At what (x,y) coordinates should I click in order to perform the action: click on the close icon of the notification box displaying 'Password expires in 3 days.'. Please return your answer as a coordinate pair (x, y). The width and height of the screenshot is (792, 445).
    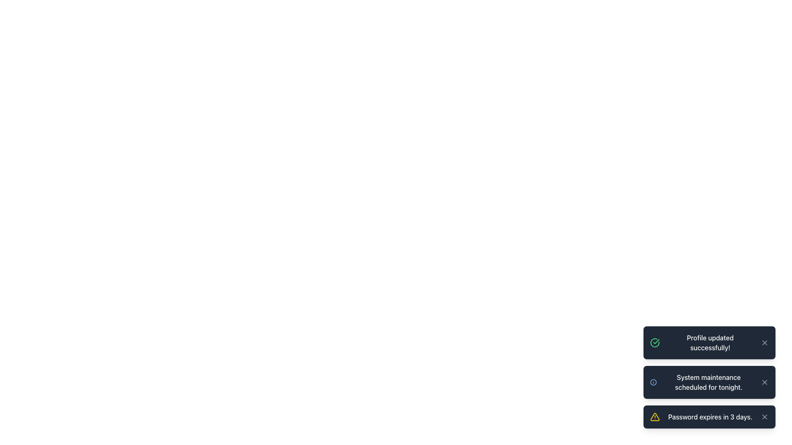
    Looking at the image, I should click on (709, 417).